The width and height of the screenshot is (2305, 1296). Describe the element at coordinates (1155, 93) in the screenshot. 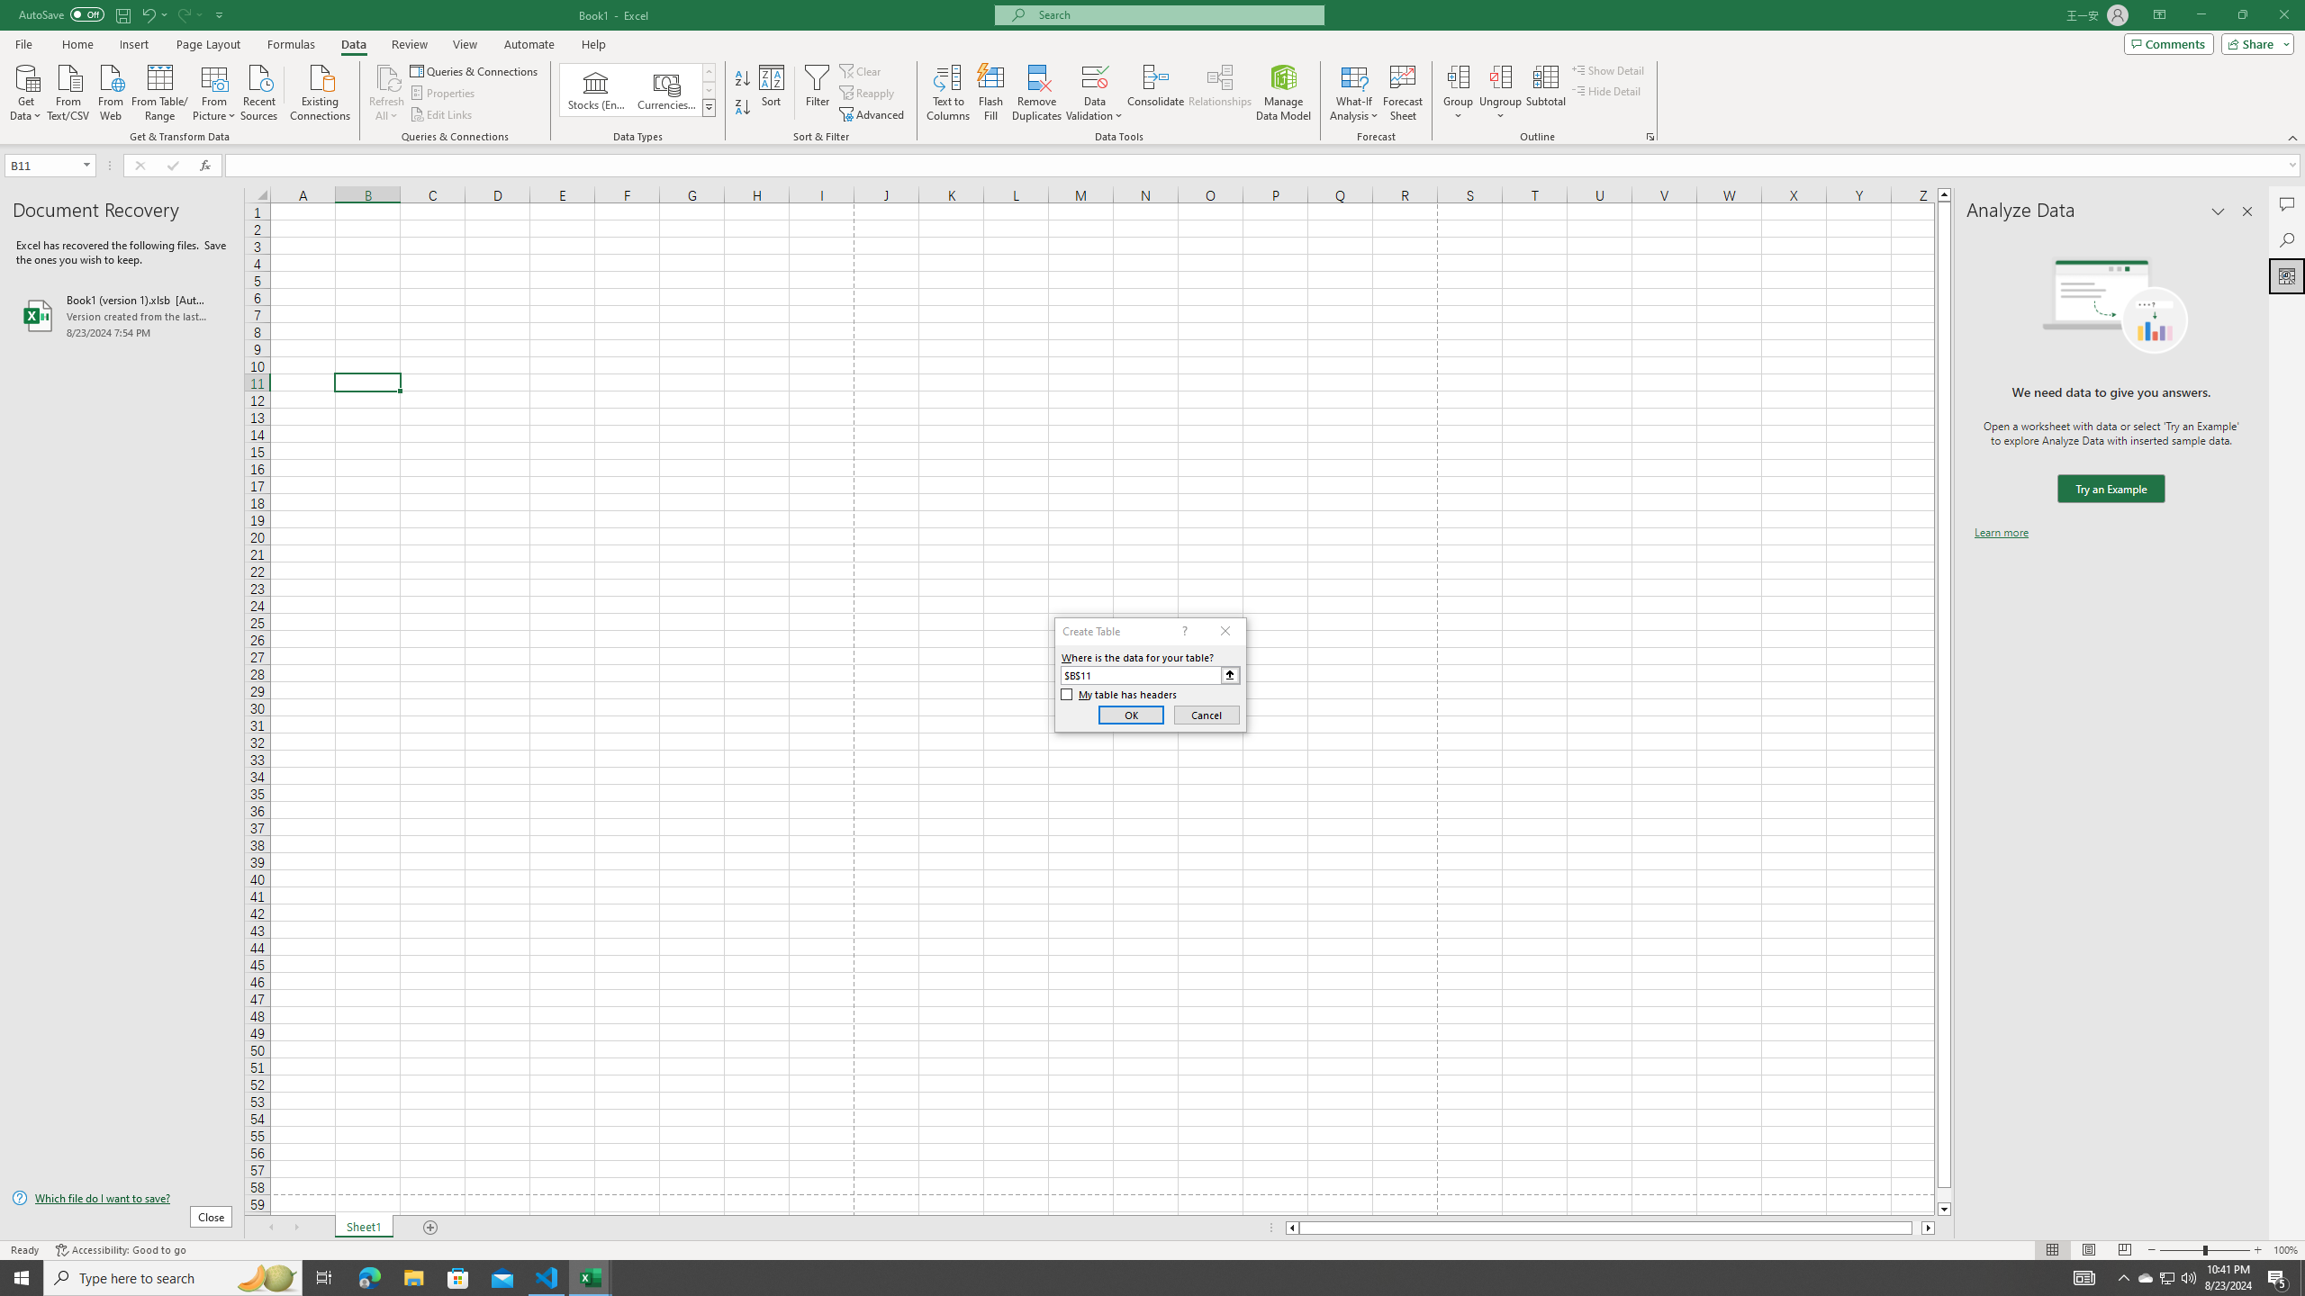

I see `'Consolidate...'` at that location.